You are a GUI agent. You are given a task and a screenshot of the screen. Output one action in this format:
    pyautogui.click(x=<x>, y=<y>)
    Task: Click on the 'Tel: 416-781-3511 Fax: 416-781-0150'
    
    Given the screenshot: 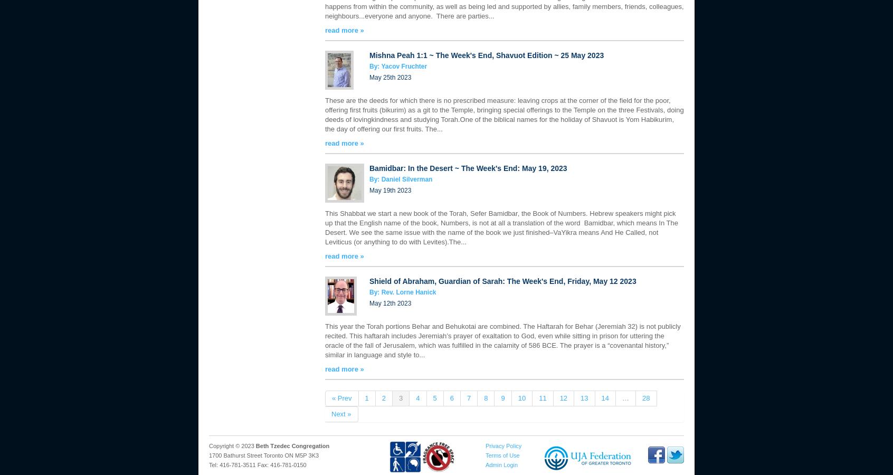 What is the action you would take?
    pyautogui.click(x=256, y=465)
    